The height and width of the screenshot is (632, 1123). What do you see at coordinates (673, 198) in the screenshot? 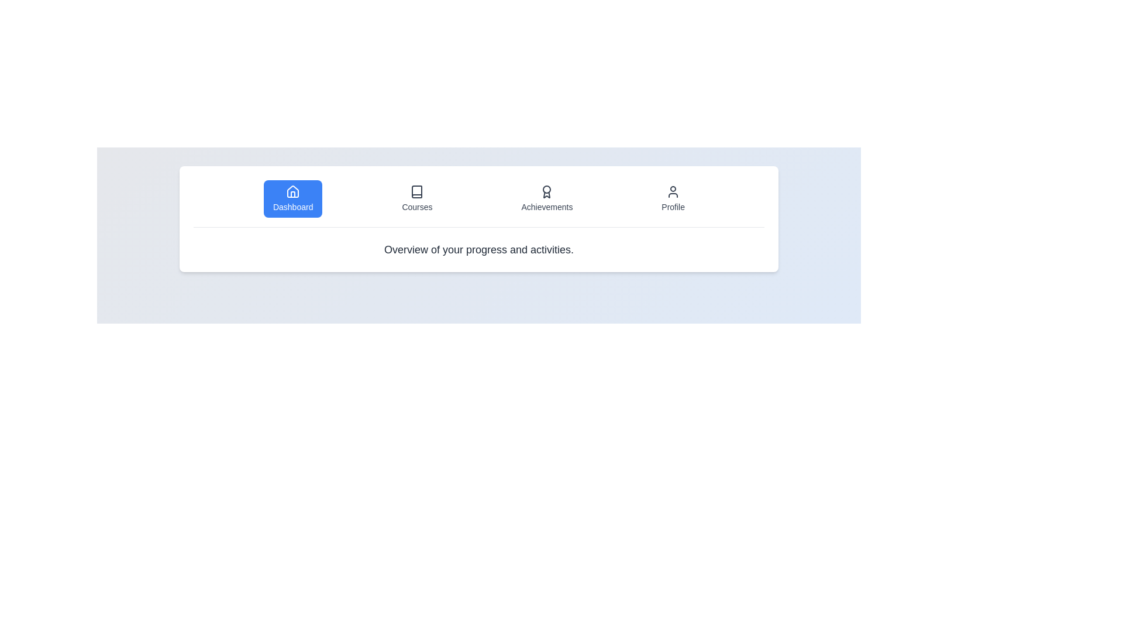
I see `the navigation button located in the horizontal menu bar at the bottom of the row` at bounding box center [673, 198].